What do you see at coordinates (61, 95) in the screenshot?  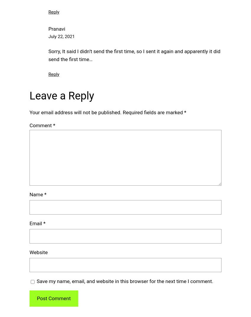 I see `'Leave a Reply'` at bounding box center [61, 95].